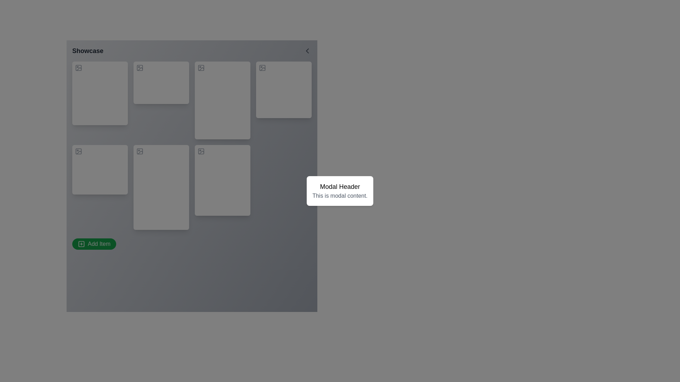  Describe the element at coordinates (200, 68) in the screenshot. I see `the image icon located in the top-right corner of the second card in the 'Showcase' section, which features a gray rectangle with rounded corners and a circle inside, along with a slanted line` at that location.